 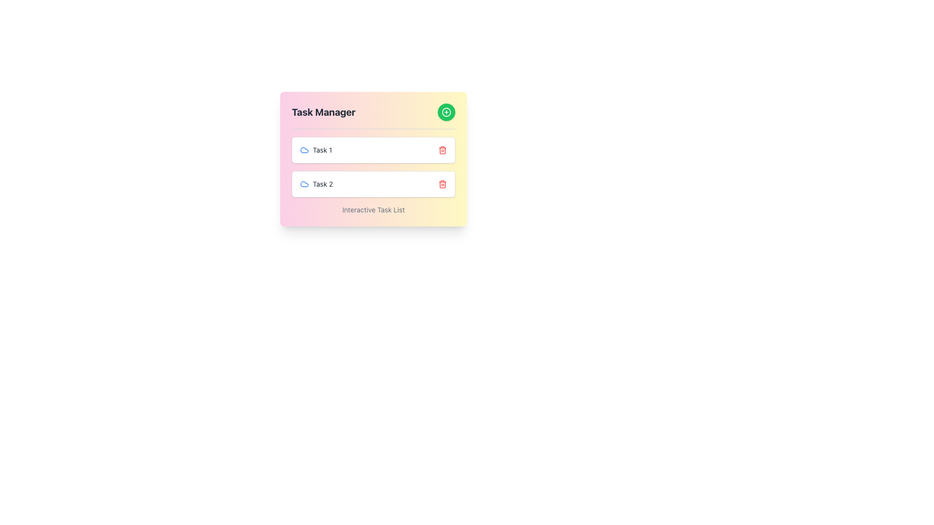 I want to click on properties of the SVG Icon located near the left side of the text 'Task 1' in the first row of the task list, so click(x=304, y=150).